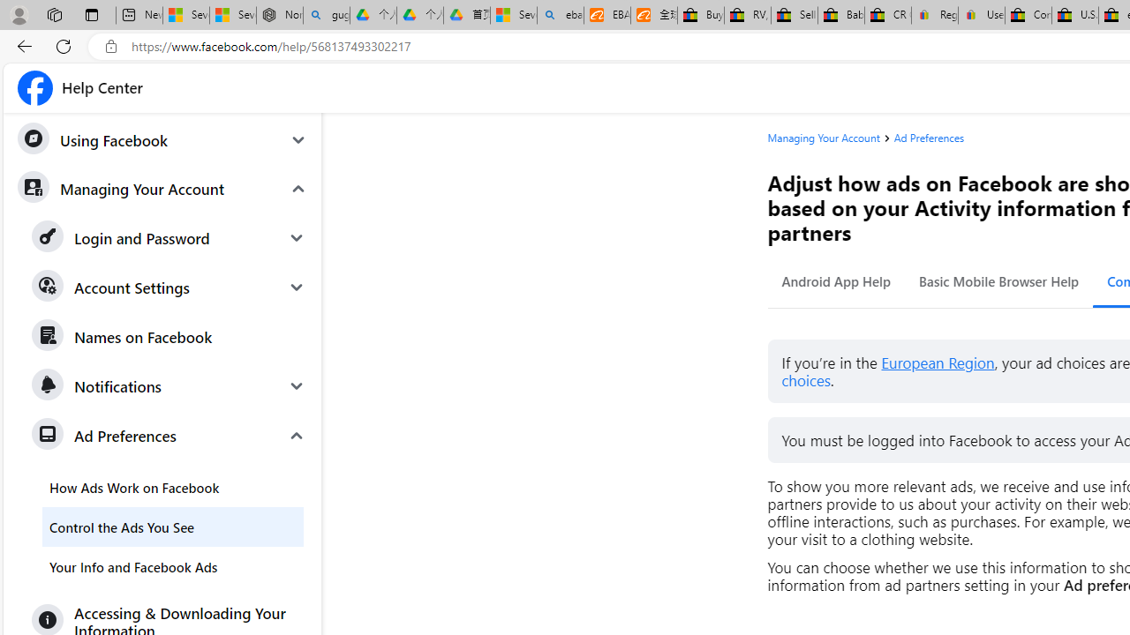 This screenshot has width=1130, height=635. What do you see at coordinates (172, 487) in the screenshot?
I see `'How Ads Work on Facebook'` at bounding box center [172, 487].